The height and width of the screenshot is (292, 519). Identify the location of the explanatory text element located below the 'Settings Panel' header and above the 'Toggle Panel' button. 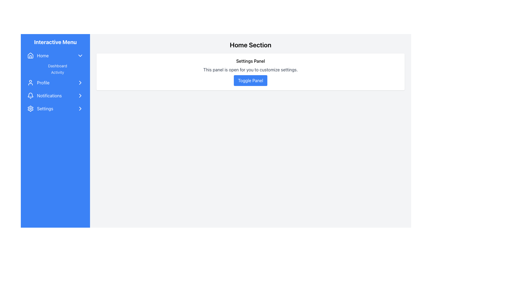
(250, 69).